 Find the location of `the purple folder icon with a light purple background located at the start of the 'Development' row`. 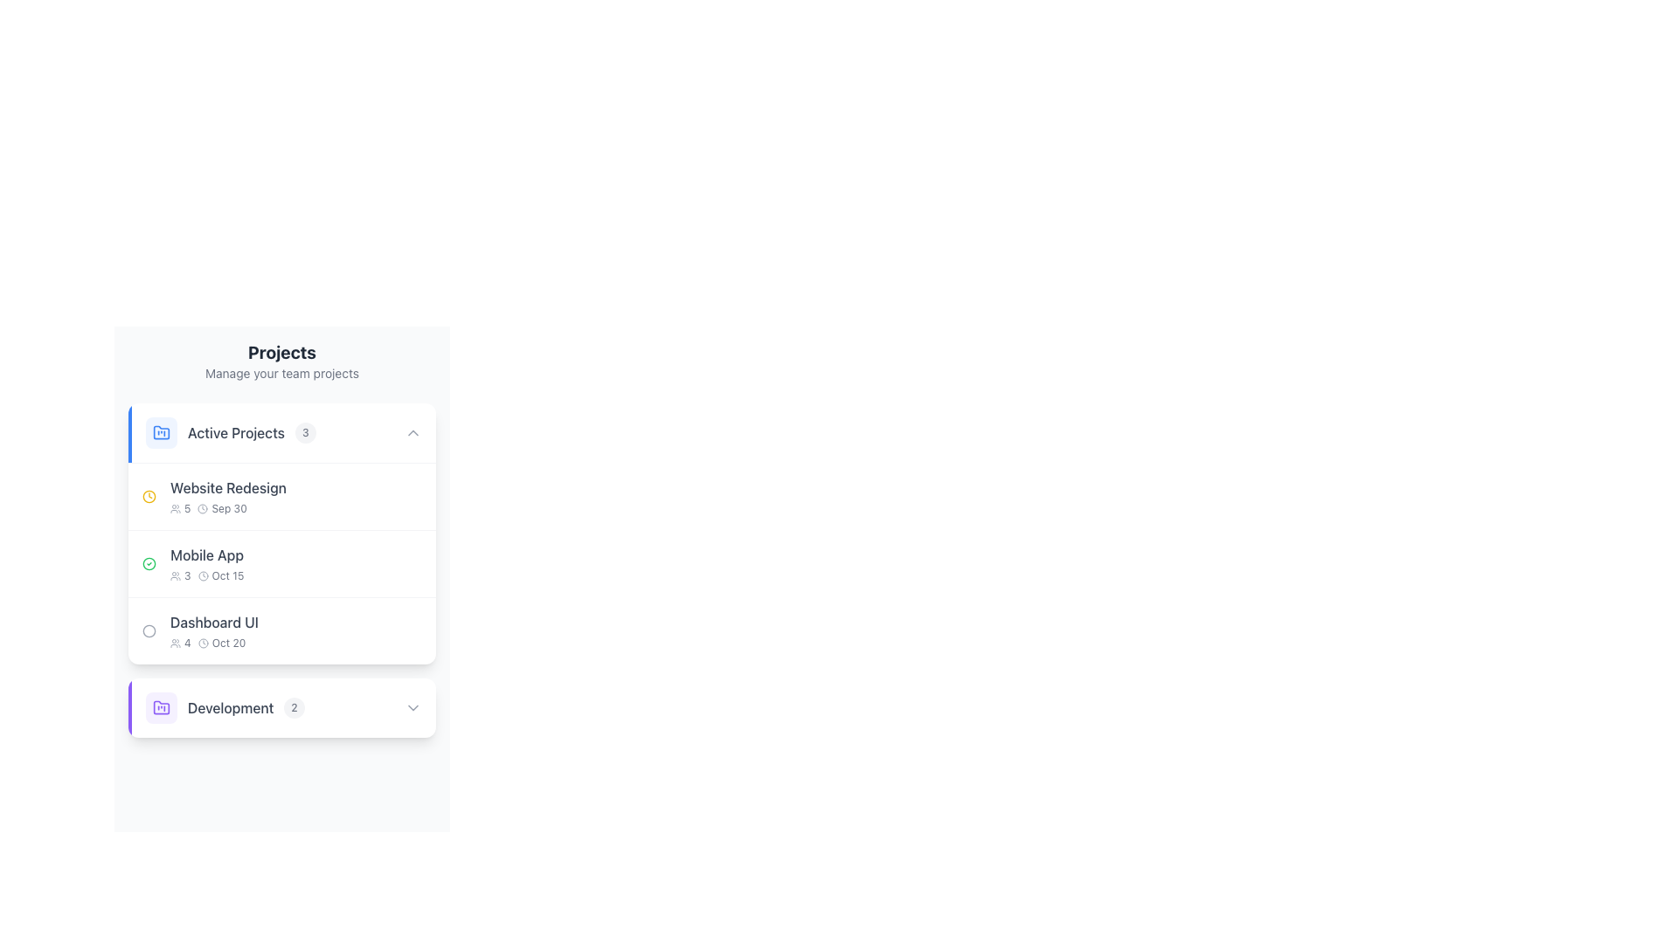

the purple folder icon with a light purple background located at the start of the 'Development' row is located at coordinates (162, 707).